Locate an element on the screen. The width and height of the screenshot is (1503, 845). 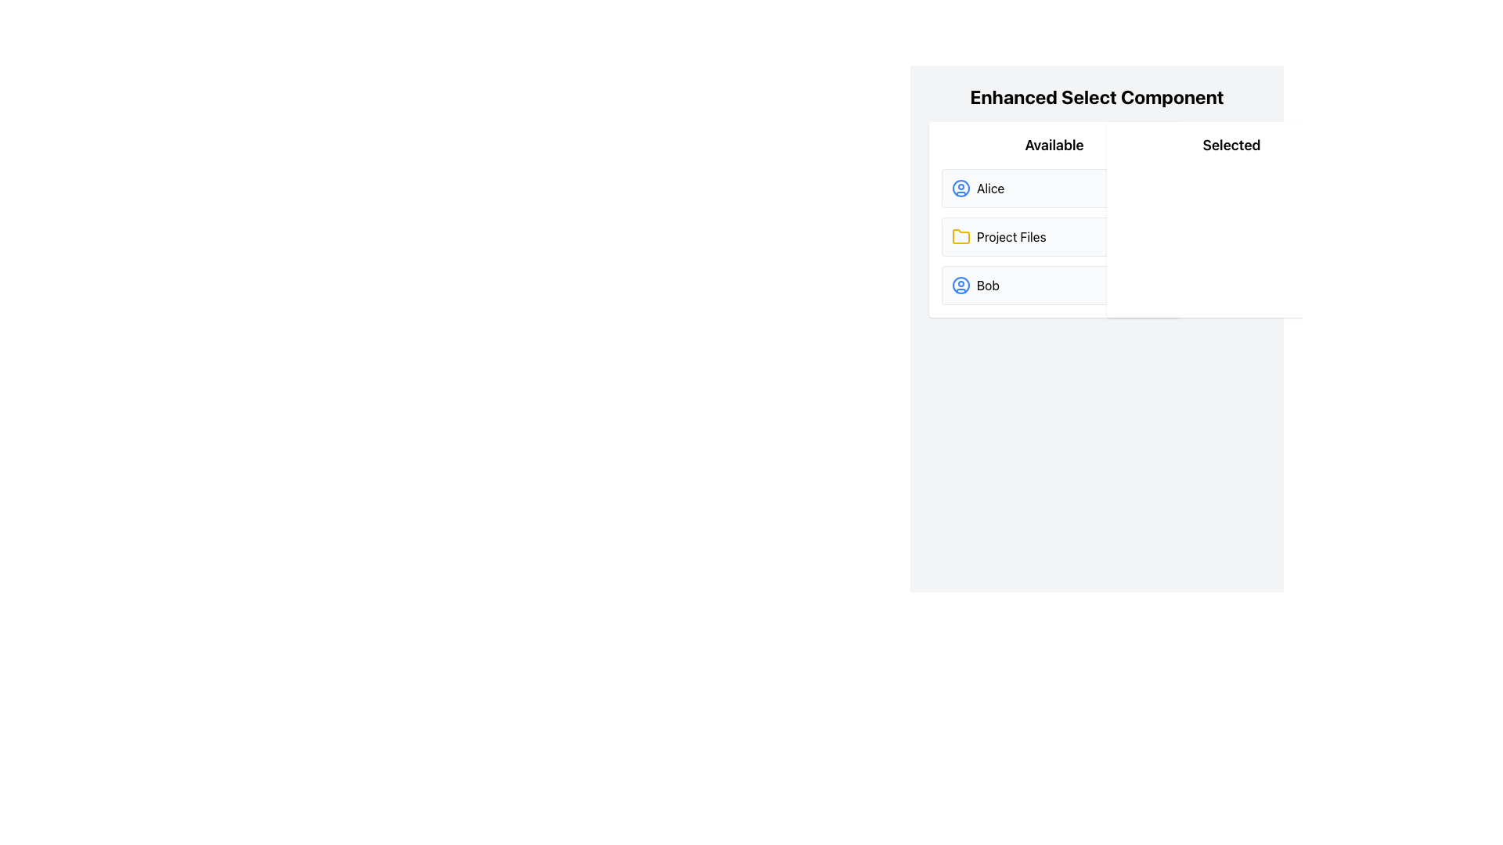
the list item representing 'Alice' in the 'Available' column of the 'Enhanced Select Component' interface is located at coordinates (977, 187).